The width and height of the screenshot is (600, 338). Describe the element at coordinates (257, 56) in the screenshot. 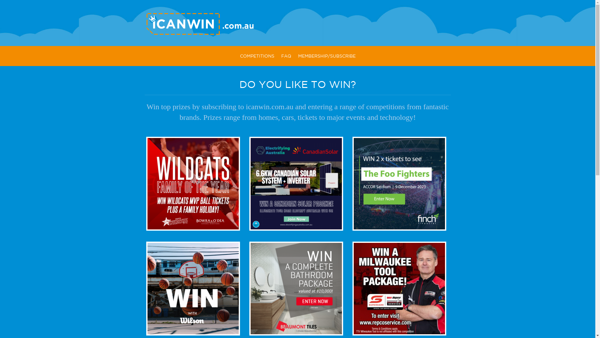

I see `'COMPETITIONS'` at that location.